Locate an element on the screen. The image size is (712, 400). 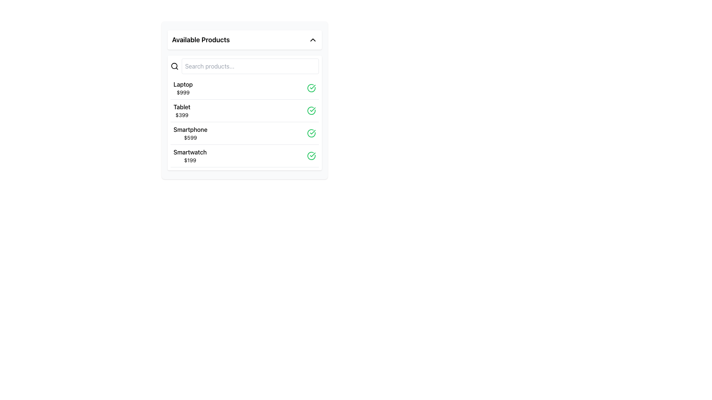
the visual state of the checkmark icon located to the right of the textual description and price line of the 'Tablet' product entry is located at coordinates (313, 110).